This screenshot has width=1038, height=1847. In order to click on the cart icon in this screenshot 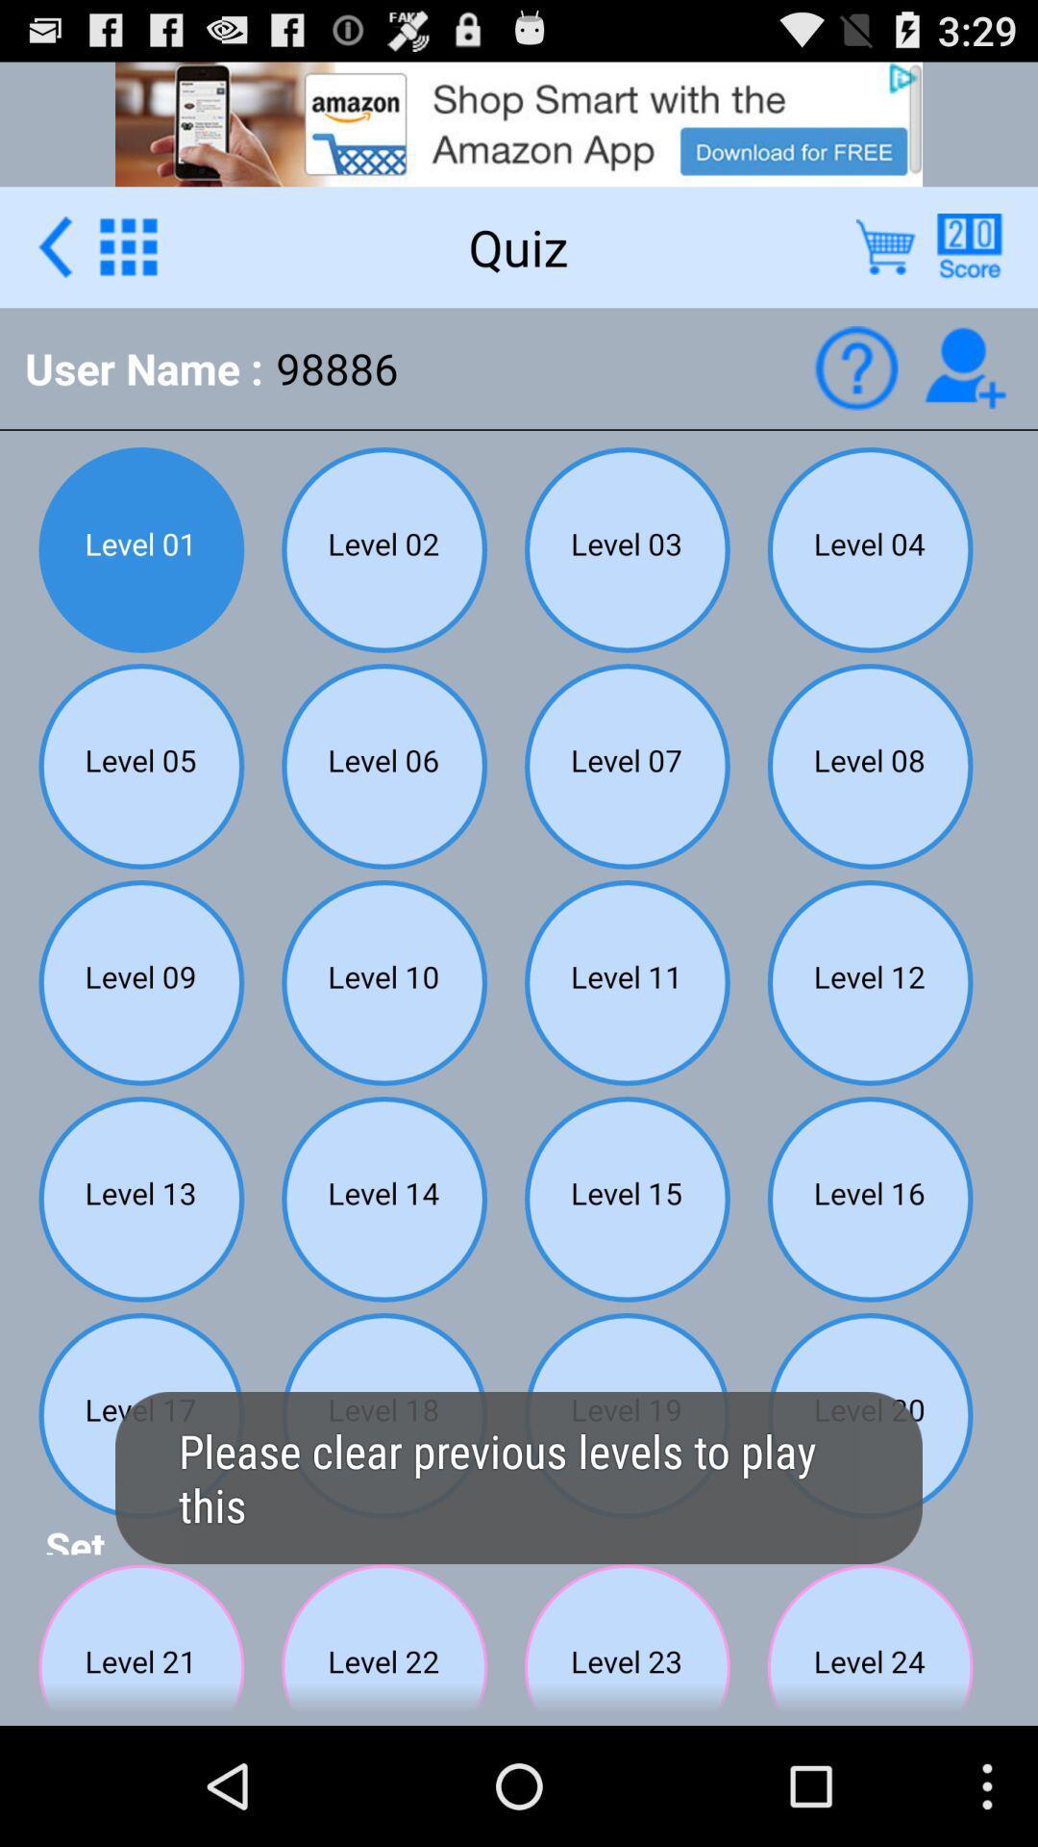, I will do `click(885, 263)`.